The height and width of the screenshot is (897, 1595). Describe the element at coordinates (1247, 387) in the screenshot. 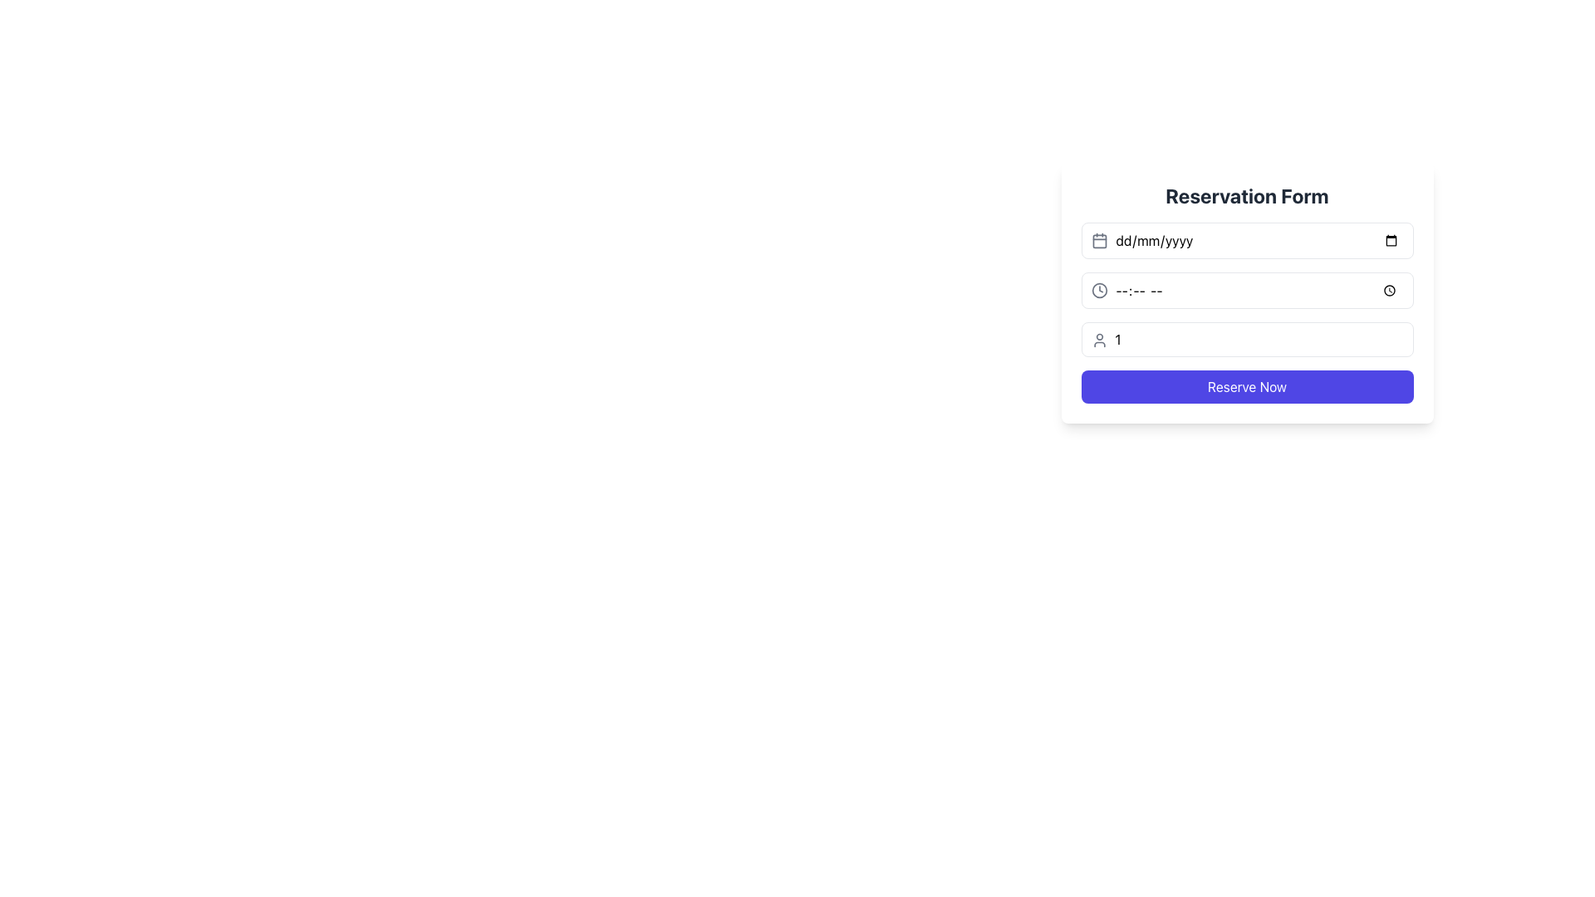

I see `the 'Reserve Now' button with a bold blue background and white text` at that location.